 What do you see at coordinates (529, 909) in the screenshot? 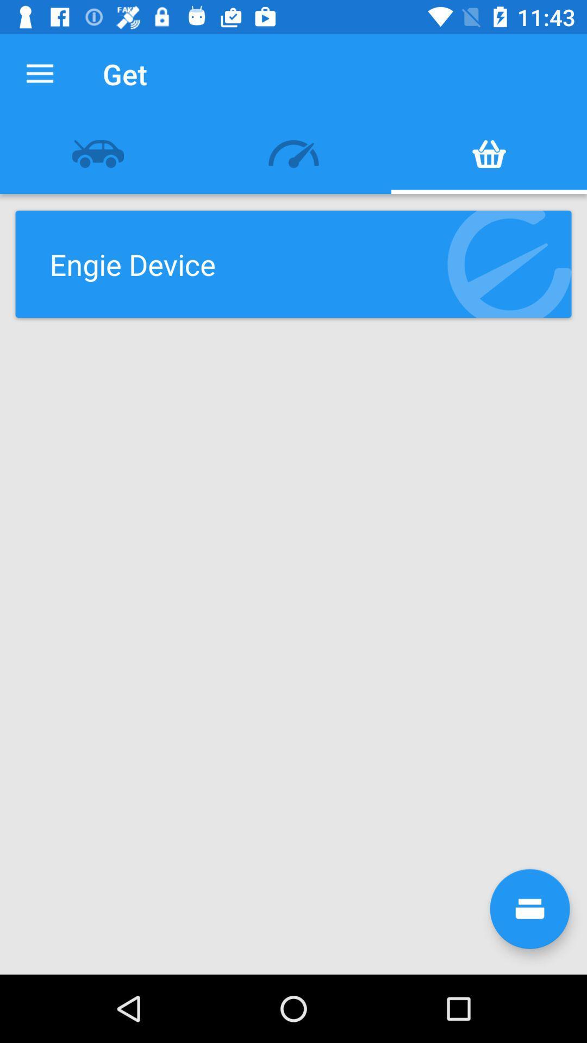
I see `the item at the bottom right corner` at bounding box center [529, 909].